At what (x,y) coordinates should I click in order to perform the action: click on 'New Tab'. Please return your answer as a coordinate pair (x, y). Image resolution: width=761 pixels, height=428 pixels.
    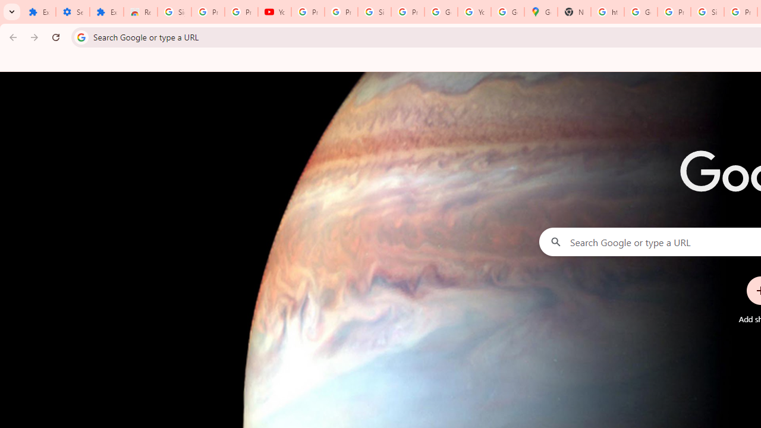
    Looking at the image, I should click on (574, 12).